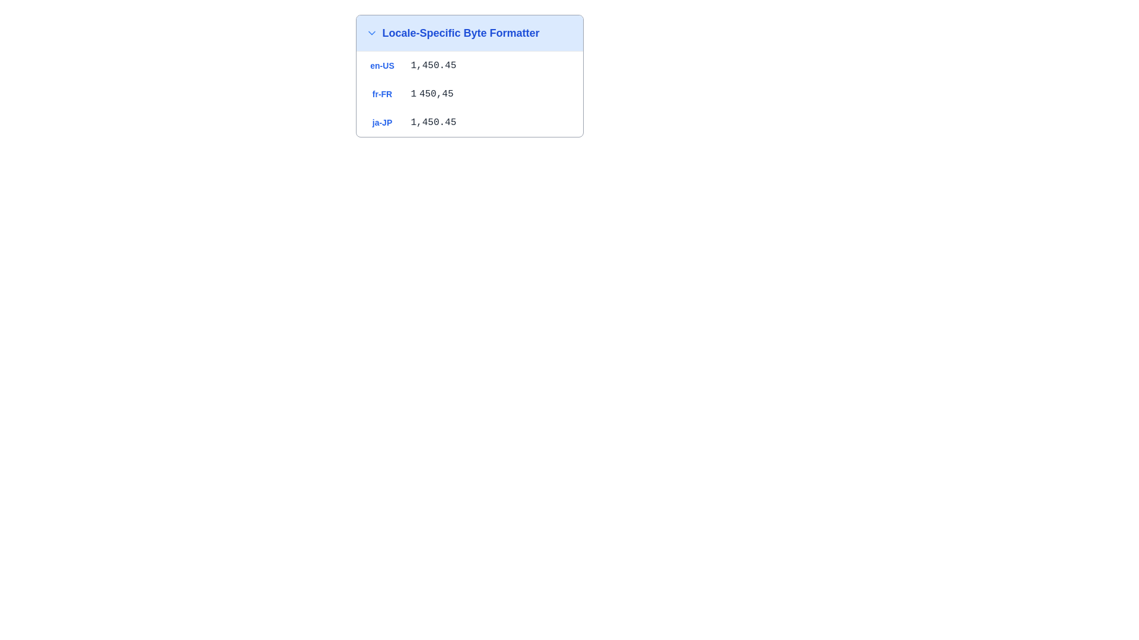 Image resolution: width=1139 pixels, height=640 pixels. Describe the element at coordinates (460, 33) in the screenshot. I see `the text label that says 'Locale-Specific Byte Formatter', which is styled with a bold font and blue color, located in a light blue background and positioned to the right of a downward arrow icon` at that location.